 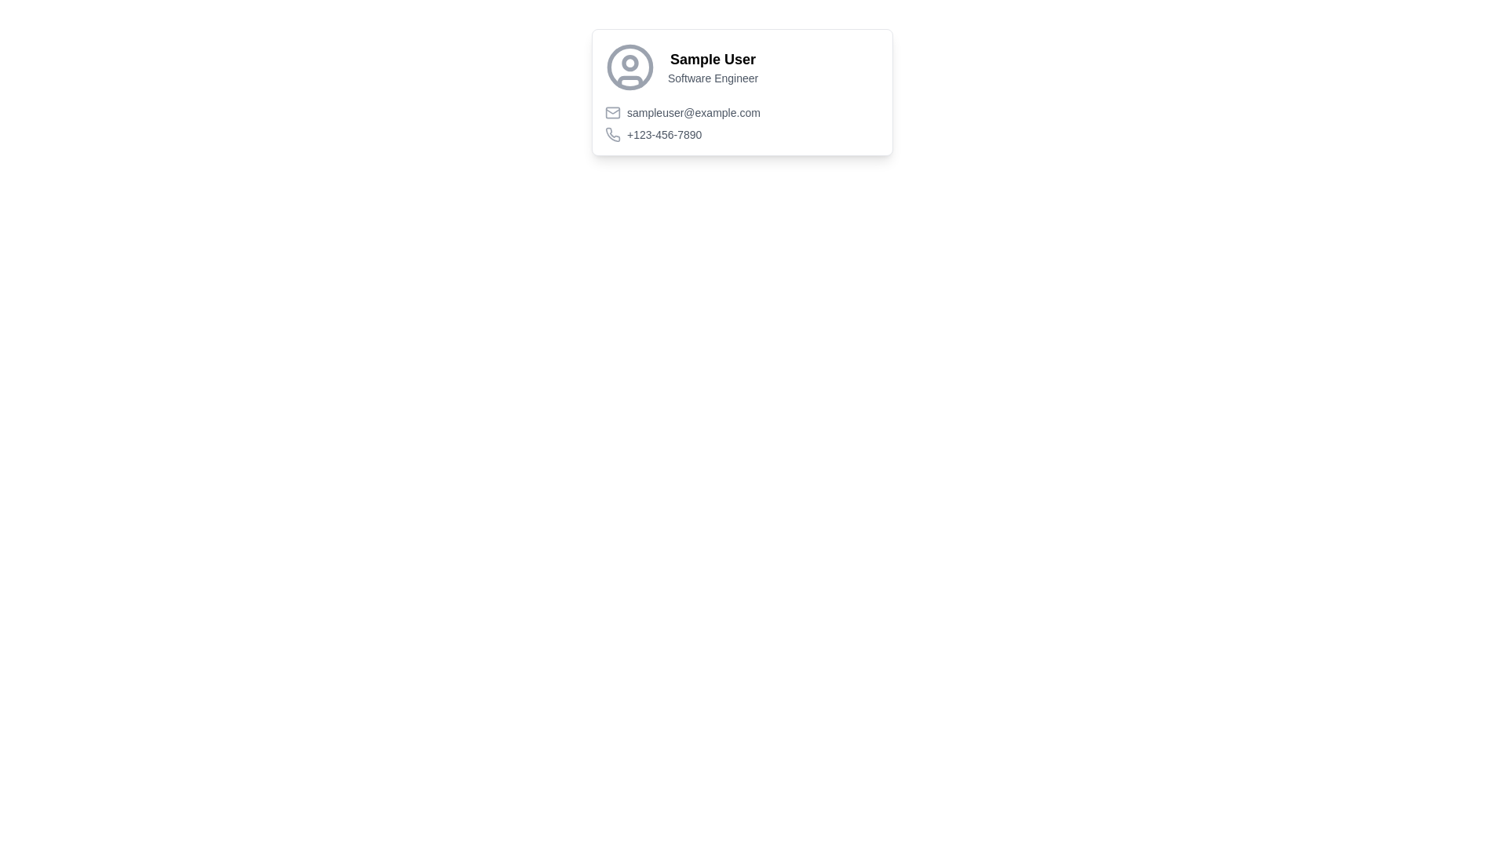 I want to click on the outermost circular shape of the user profile icon located in the top-left corner of the user card for 'Sample User', so click(x=629, y=66).